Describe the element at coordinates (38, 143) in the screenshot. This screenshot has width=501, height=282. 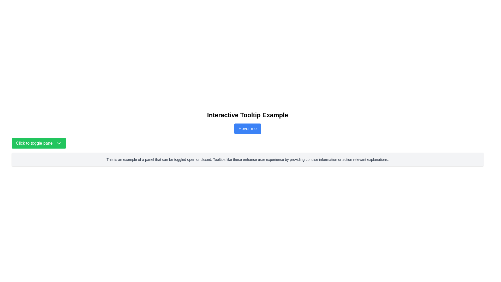
I see `the button in the bottom-left portion of the main content area` at that location.